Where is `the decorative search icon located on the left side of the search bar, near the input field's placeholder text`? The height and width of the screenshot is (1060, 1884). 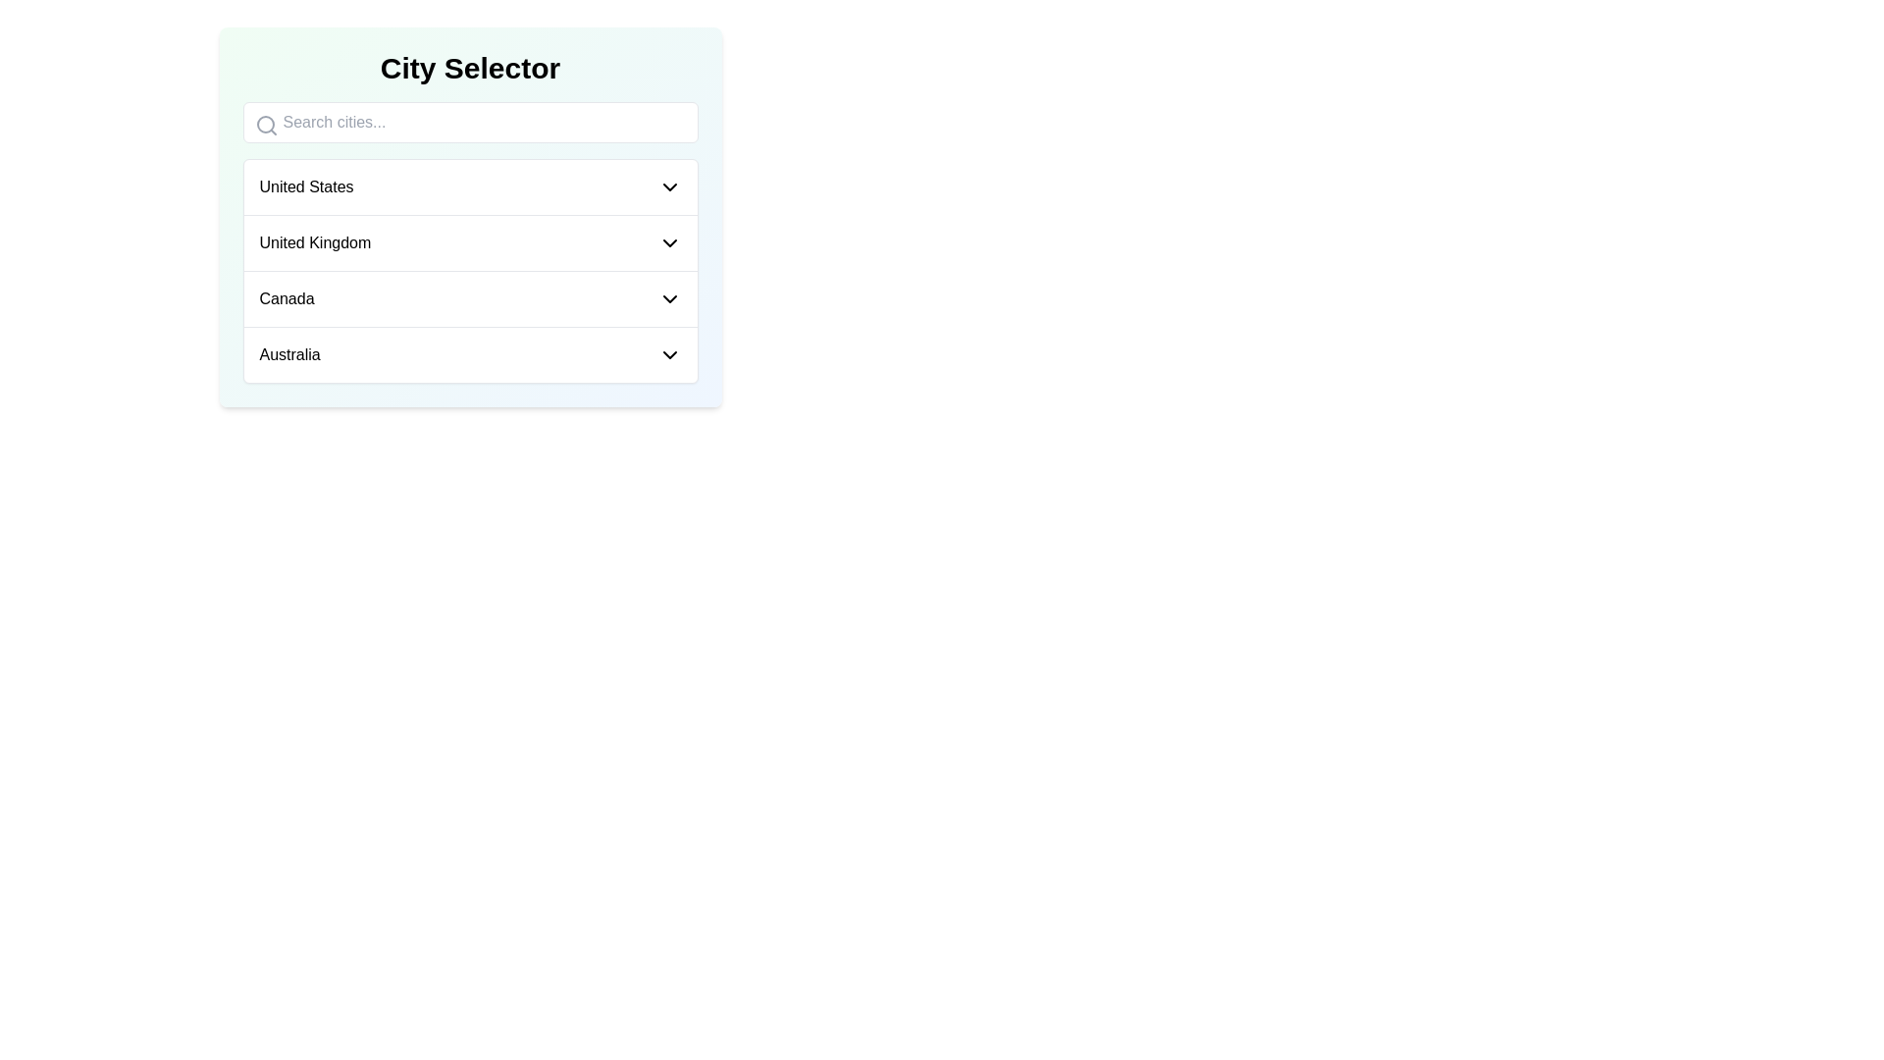 the decorative search icon located on the left side of the search bar, near the input field's placeholder text is located at coordinates (265, 125).